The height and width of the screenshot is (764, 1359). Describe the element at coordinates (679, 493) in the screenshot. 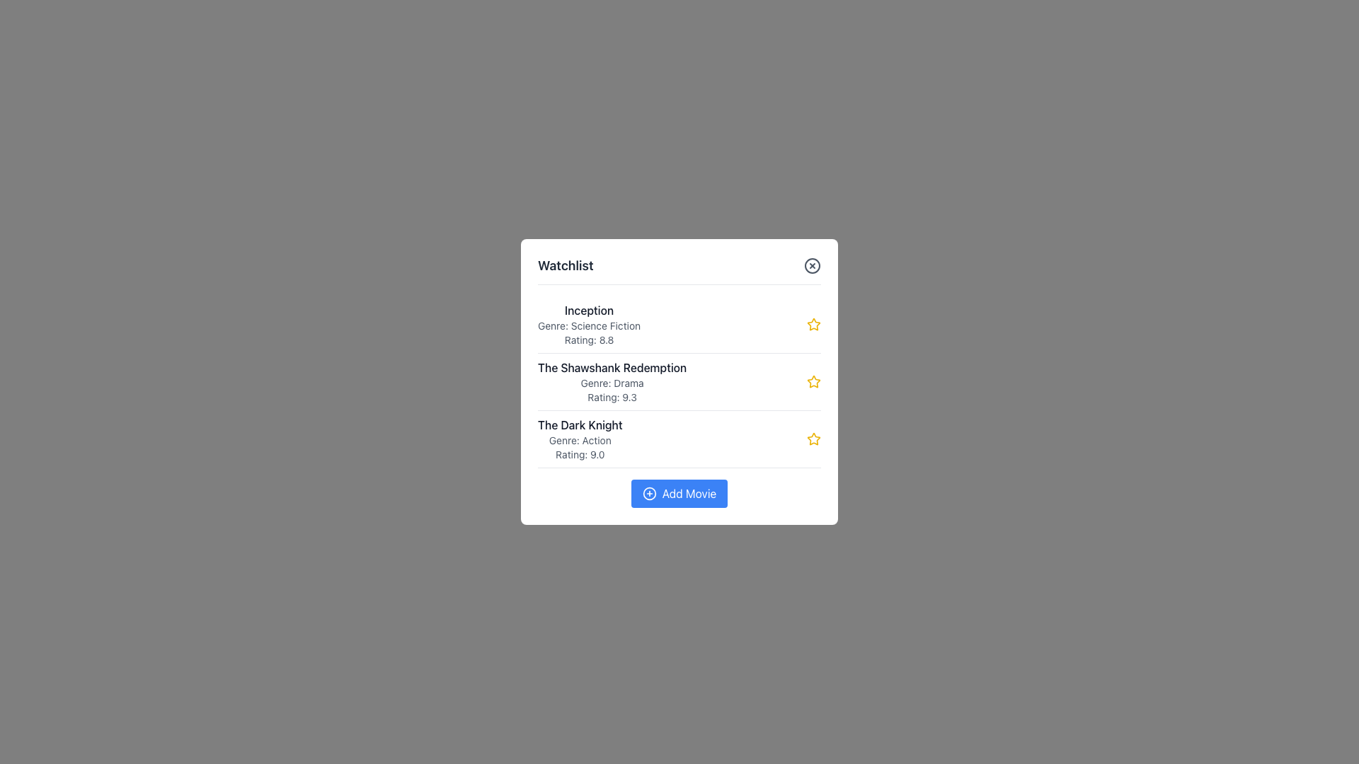

I see `the add new movie button located at the bottom center of the 'Watchlist' modal, which opens a form for entering movie details` at that location.